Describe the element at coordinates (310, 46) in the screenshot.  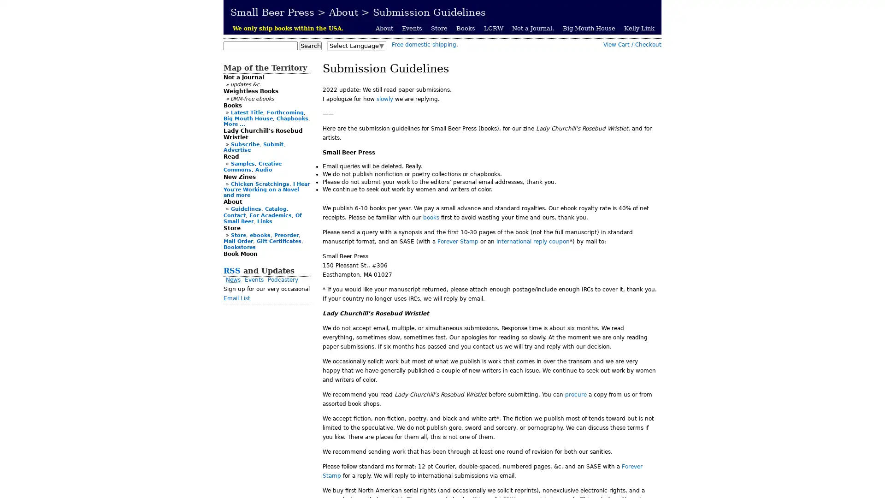
I see `Search` at that location.